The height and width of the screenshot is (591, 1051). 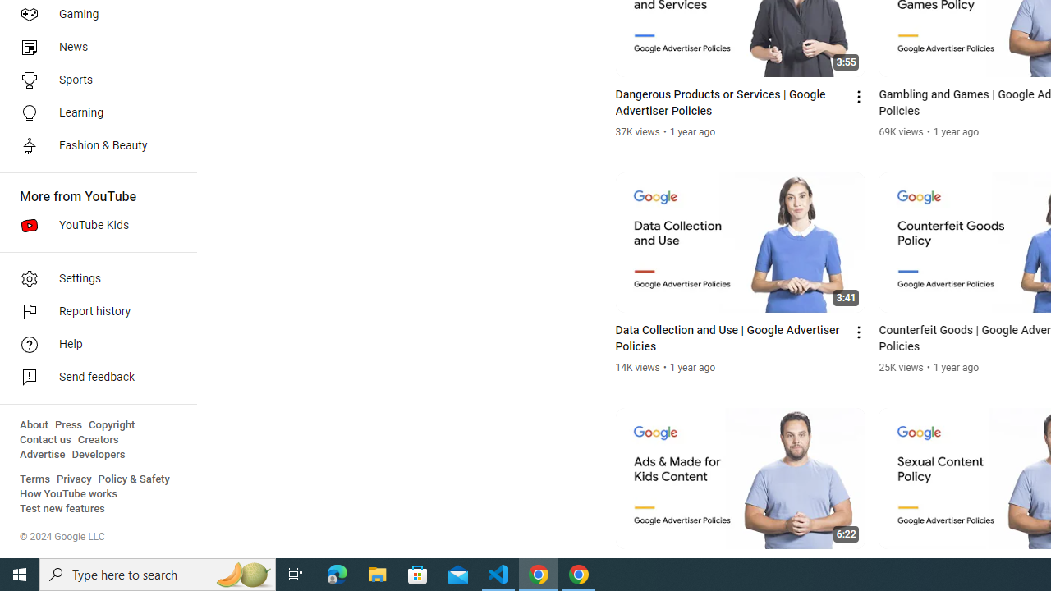 What do you see at coordinates (92, 46) in the screenshot?
I see `'News'` at bounding box center [92, 46].